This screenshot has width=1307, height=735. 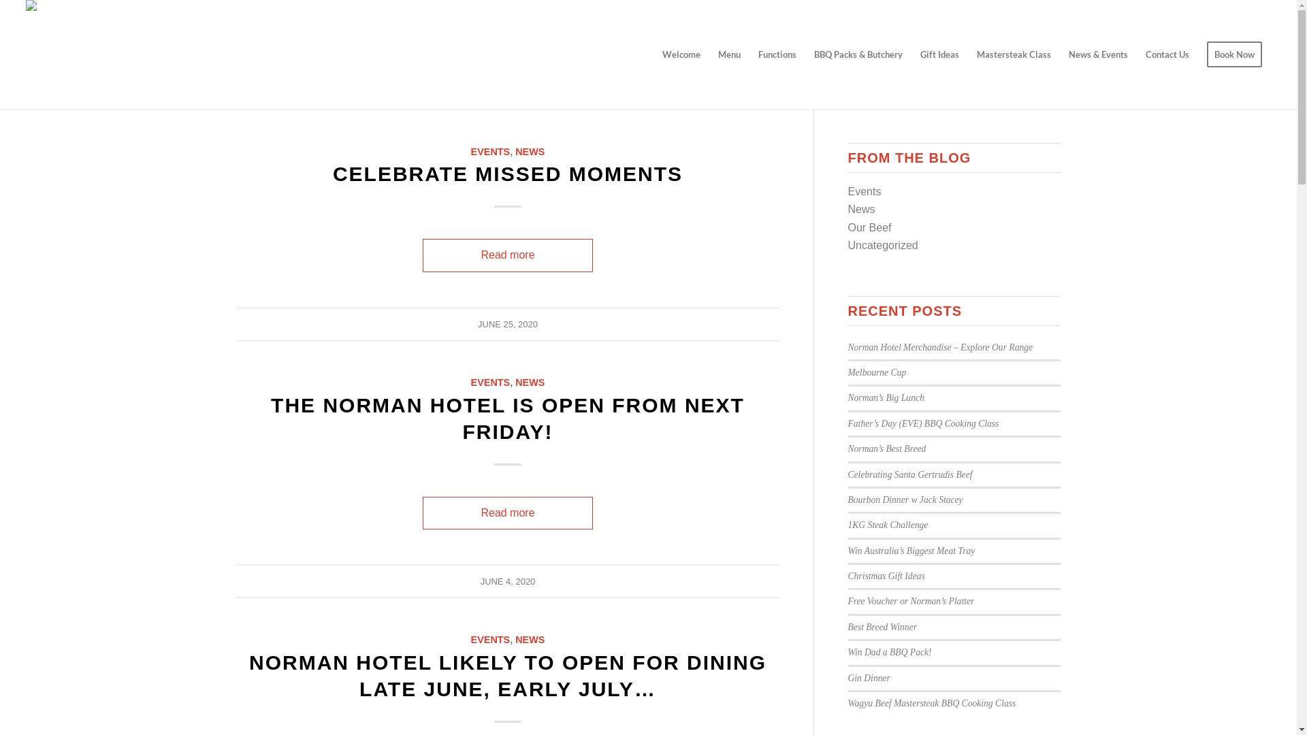 I want to click on 'EVENTS', so click(x=490, y=152).